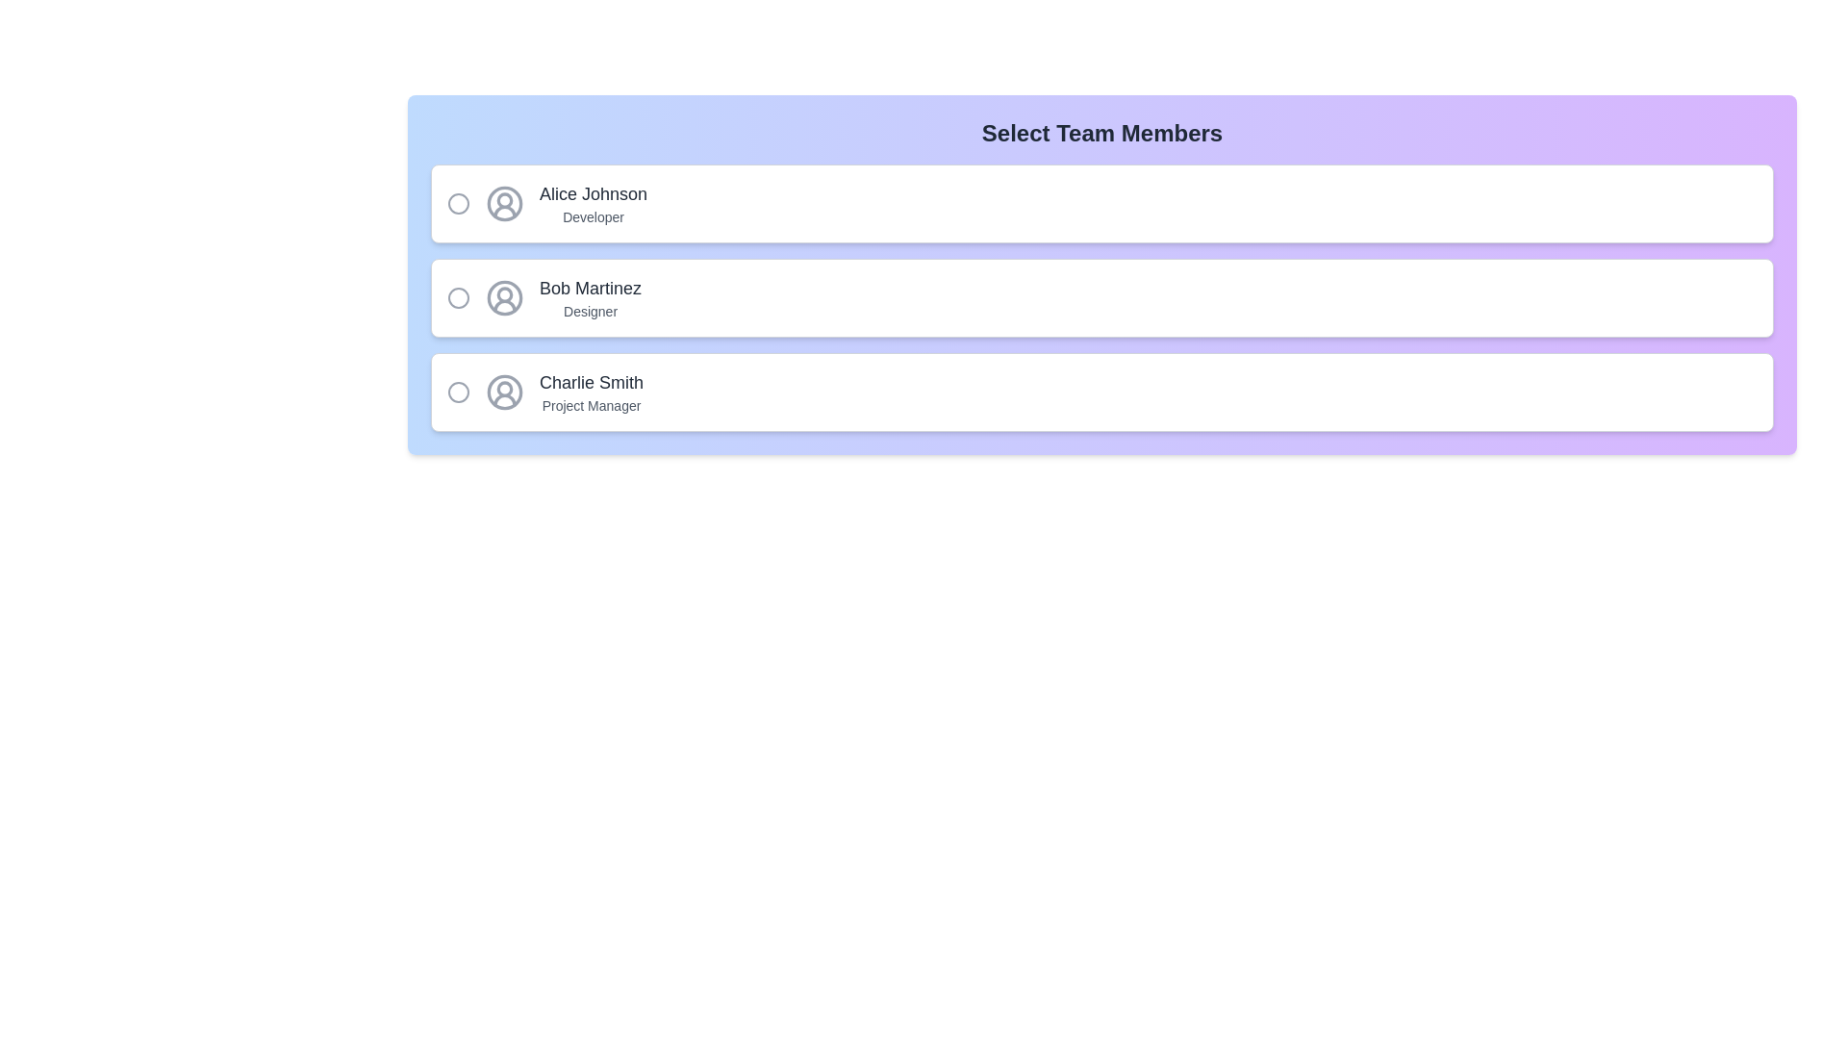  What do you see at coordinates (504, 392) in the screenshot?
I see `the user silhouette icon located to the left of the text 'Charlie Smith' and 'Project Manager', which is the third icon in the list` at bounding box center [504, 392].